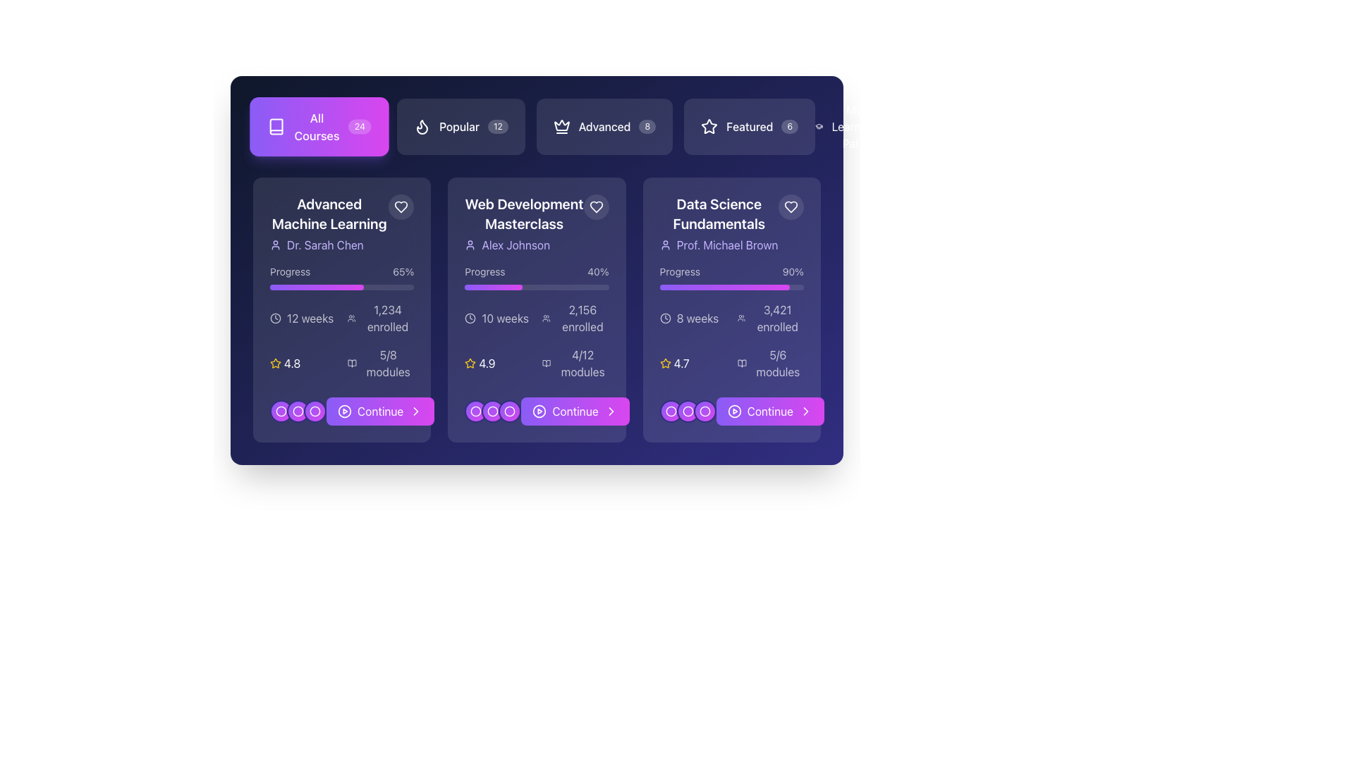 The height and width of the screenshot is (761, 1354). Describe the element at coordinates (769, 318) in the screenshot. I see `the informational label that indicates the number of users currently enrolled in the course, located in the rightmost card below the '8 weeks' text and above the '4.7' text` at that location.